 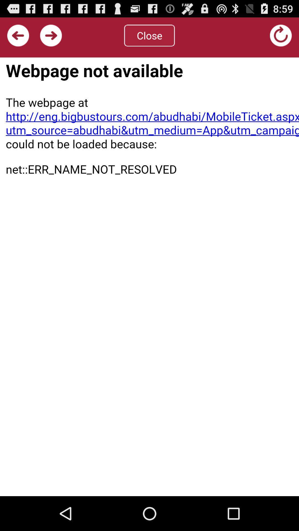 What do you see at coordinates (149, 277) in the screenshot?
I see `web page visible` at bounding box center [149, 277].